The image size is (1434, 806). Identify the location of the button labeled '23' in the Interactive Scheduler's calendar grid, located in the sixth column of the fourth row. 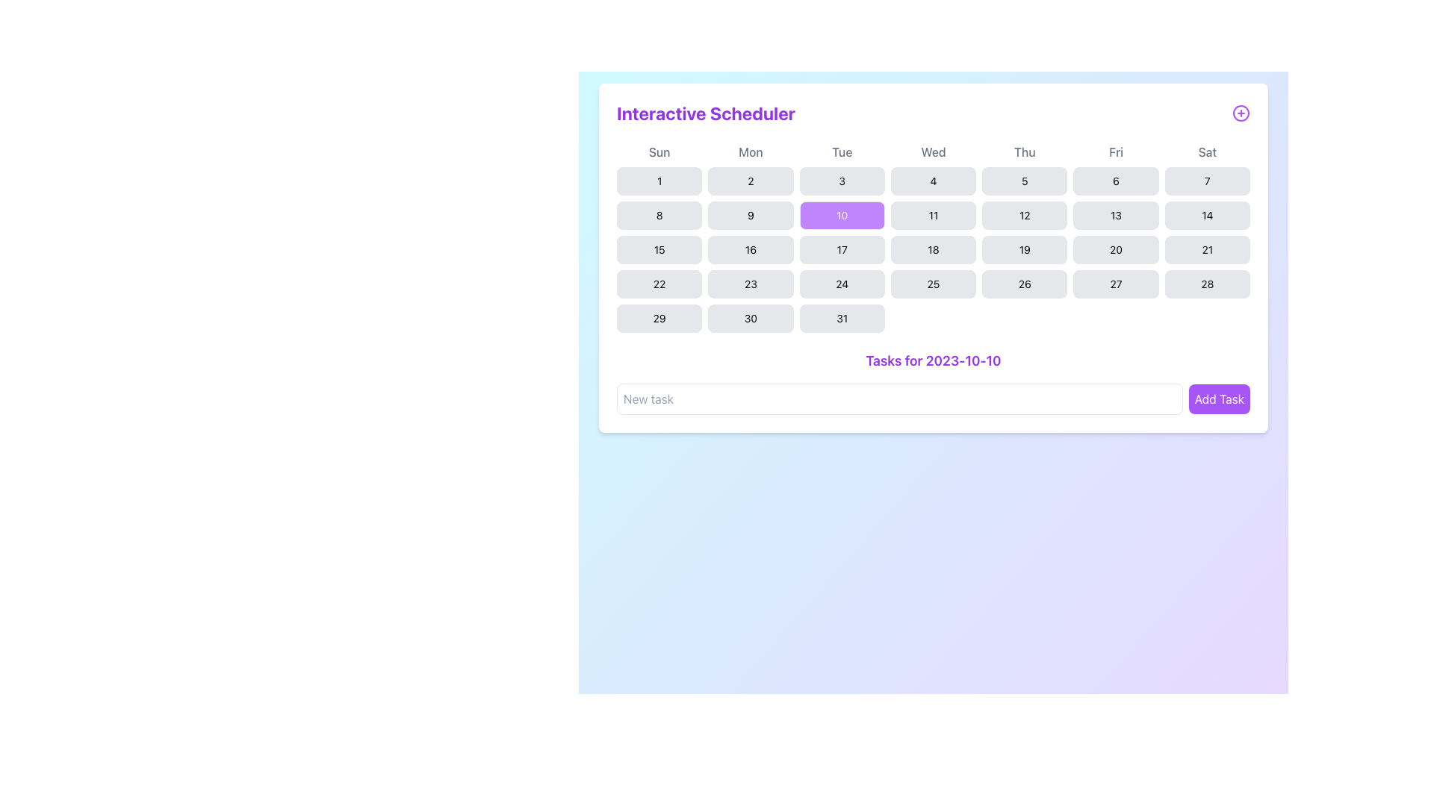
(751, 284).